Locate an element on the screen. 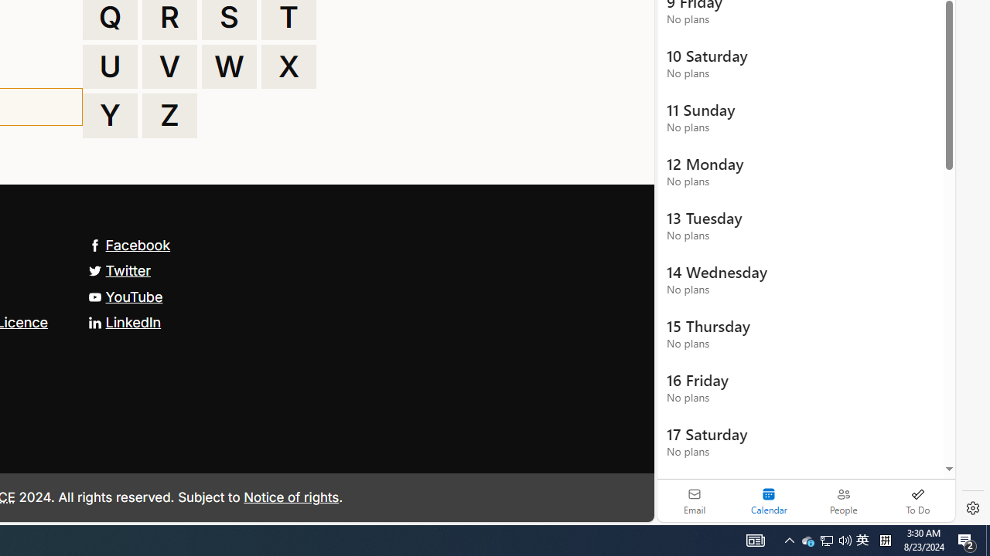 This screenshot has width=990, height=556. 'X' is located at coordinates (288, 66).